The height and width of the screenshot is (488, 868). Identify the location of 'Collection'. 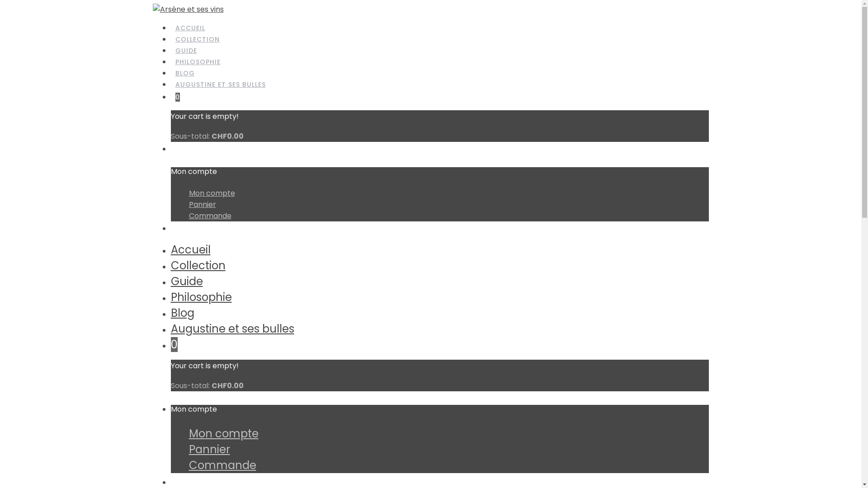
(171, 265).